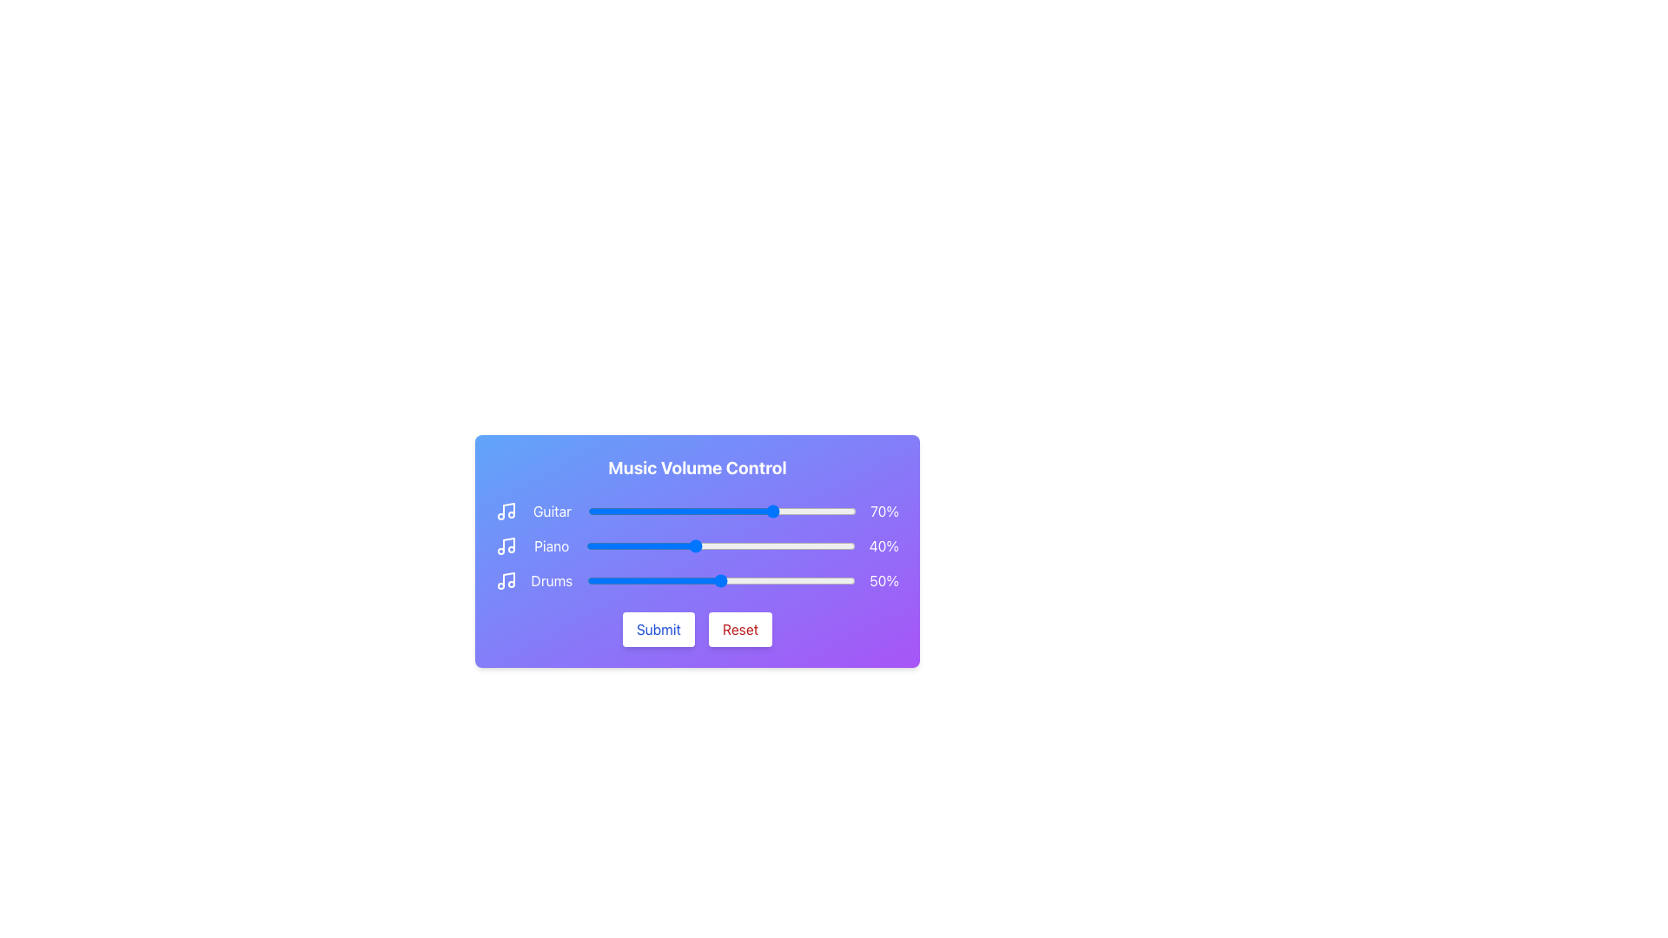  Describe the element at coordinates (839, 545) in the screenshot. I see `the Piano slider` at that location.